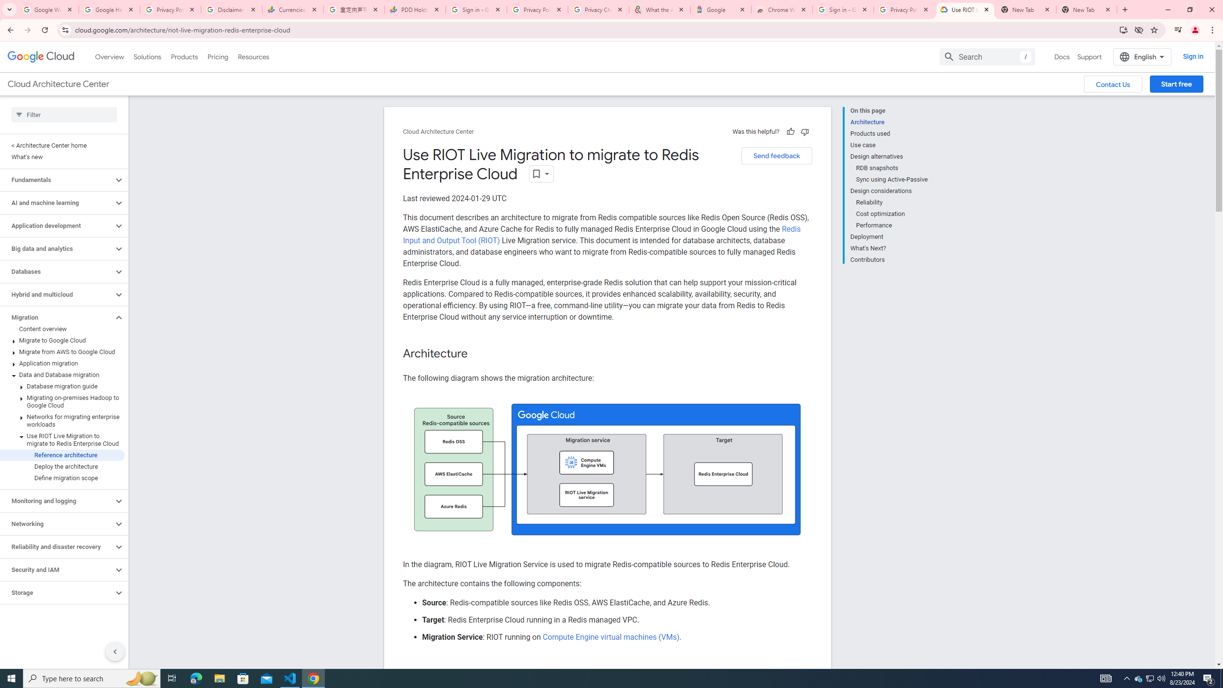  What do you see at coordinates (56, 547) in the screenshot?
I see `'Reliability and disaster recovery'` at bounding box center [56, 547].